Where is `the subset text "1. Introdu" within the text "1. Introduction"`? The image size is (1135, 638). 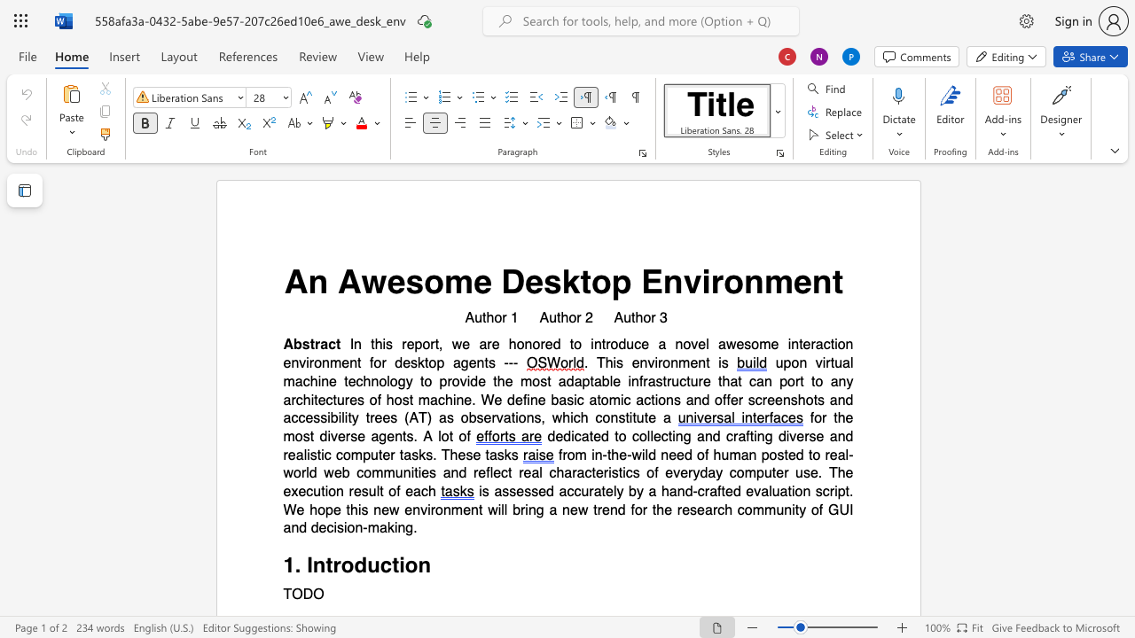 the subset text "1. Introdu" within the text "1. Introduction" is located at coordinates (282, 565).